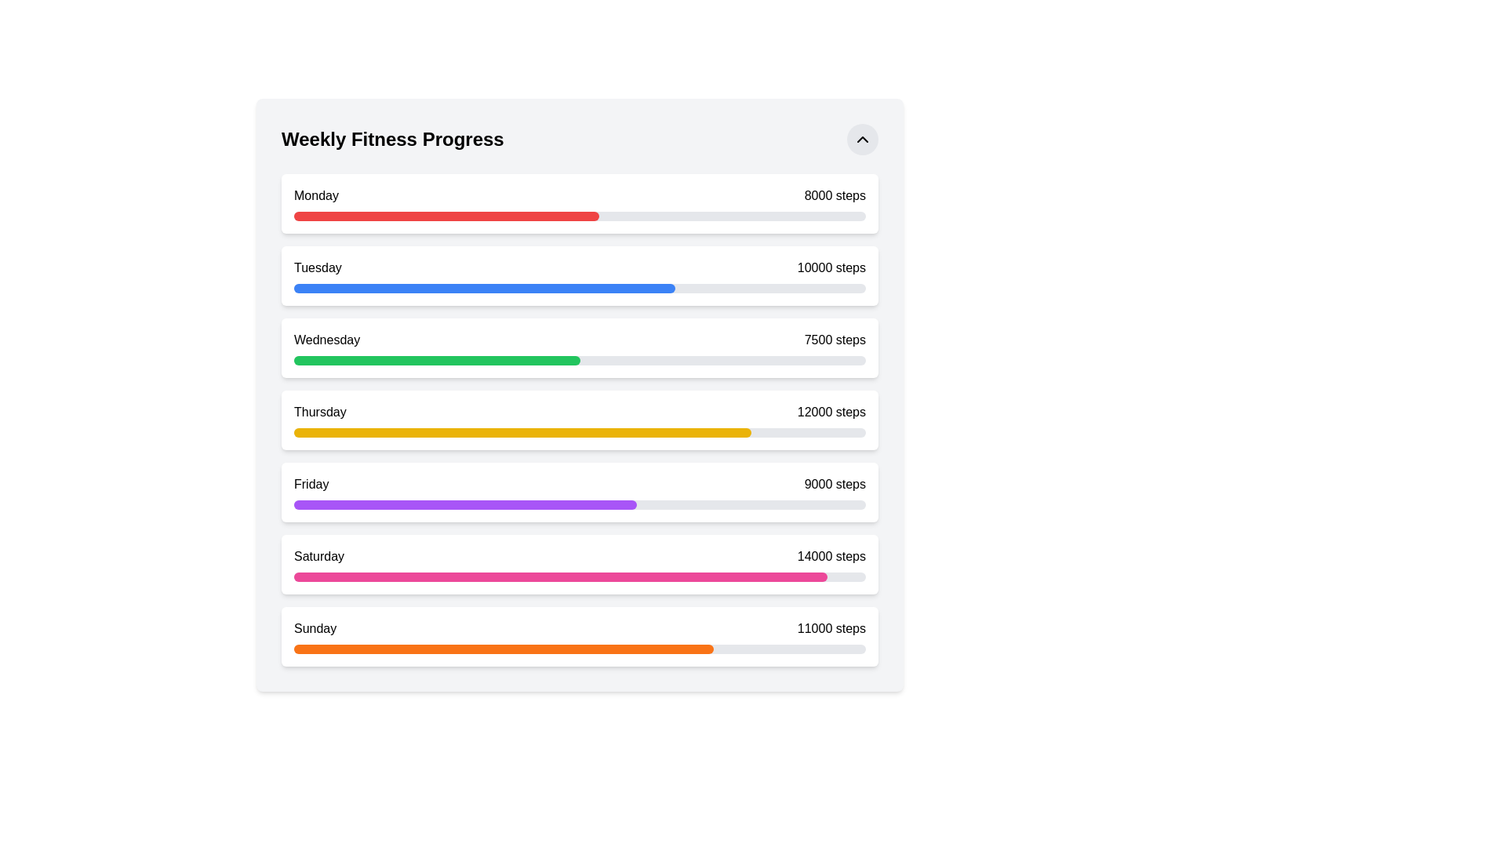  Describe the element at coordinates (311, 483) in the screenshot. I see `the text label displaying 'Friday' in the day-to-day activity tracker UI, which is part of a horizontal layout with other days of the week` at that location.